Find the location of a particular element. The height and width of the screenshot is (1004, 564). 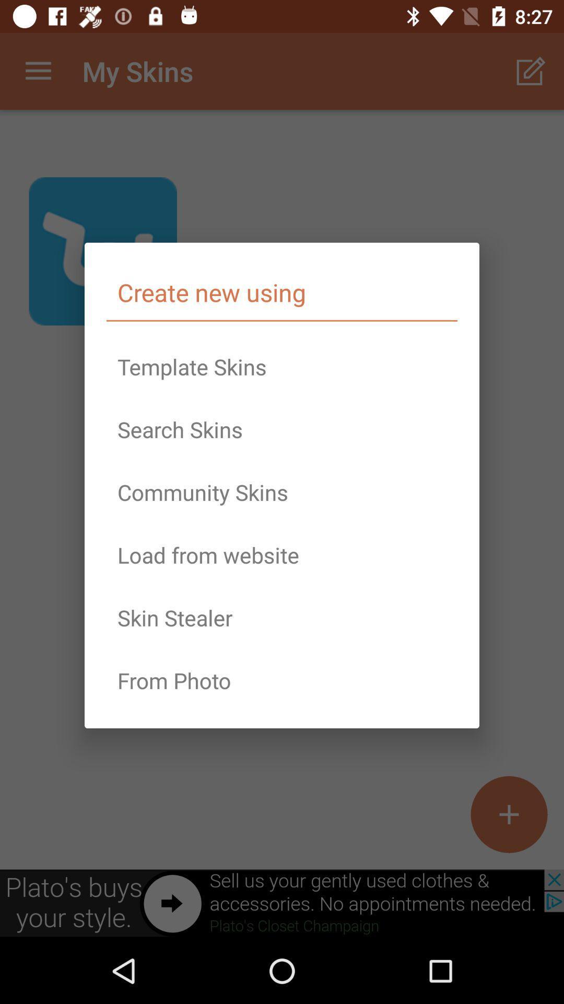

icon above from photo item is located at coordinates (282, 618).